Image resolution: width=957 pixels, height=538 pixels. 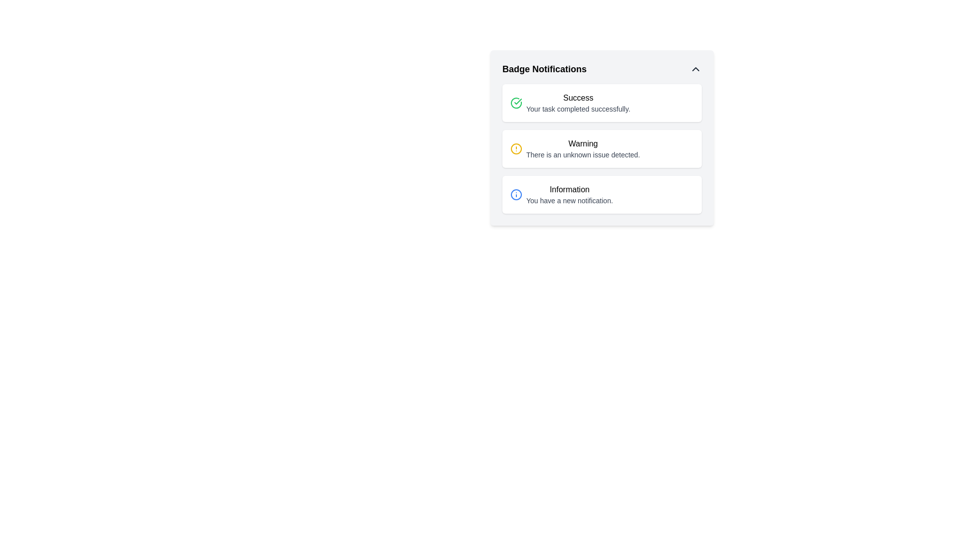 I want to click on the warning displayed in the bold 'Warning' text within the second notification card located centrally in the interface, so click(x=583, y=149).